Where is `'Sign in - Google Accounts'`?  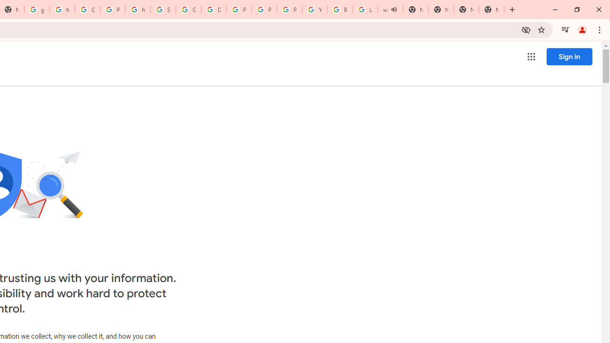 'Sign in - Google Accounts' is located at coordinates (163, 10).